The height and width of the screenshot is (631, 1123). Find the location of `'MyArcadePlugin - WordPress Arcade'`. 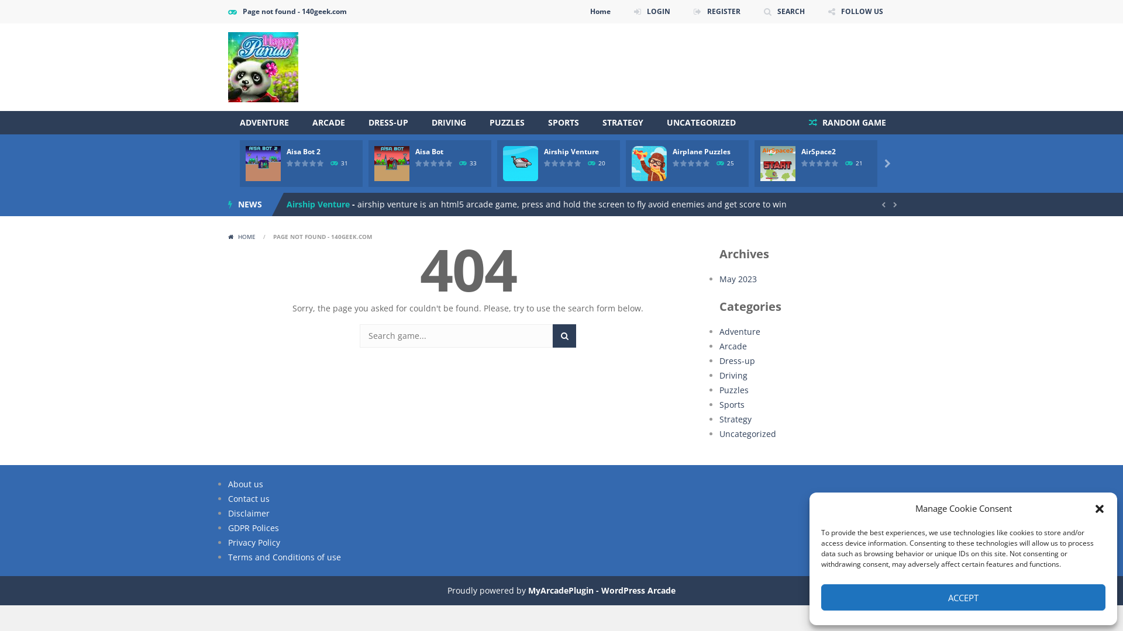

'MyArcadePlugin - WordPress Arcade' is located at coordinates (527, 590).